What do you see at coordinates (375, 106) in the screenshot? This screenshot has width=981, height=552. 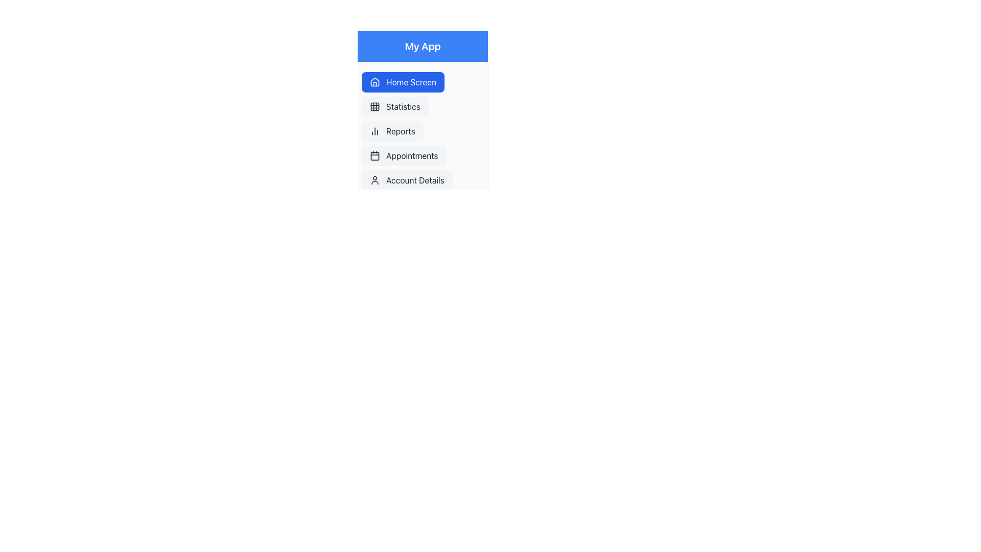 I see `the top-left square of the navigation grid interface in the sidebar` at bounding box center [375, 106].